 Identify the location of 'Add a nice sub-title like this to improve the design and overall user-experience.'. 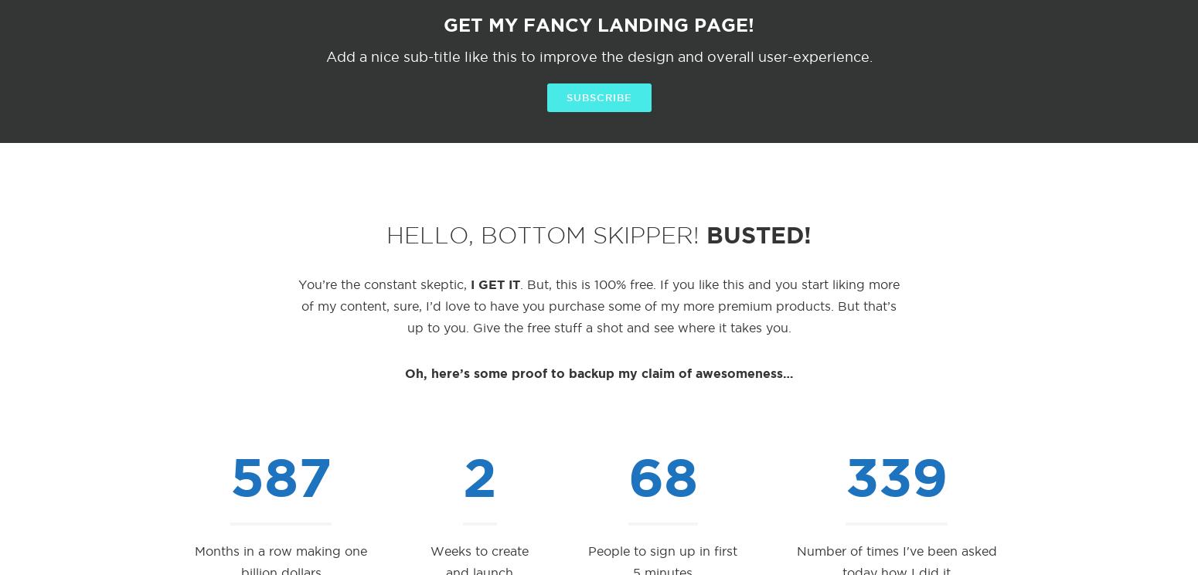
(325, 56).